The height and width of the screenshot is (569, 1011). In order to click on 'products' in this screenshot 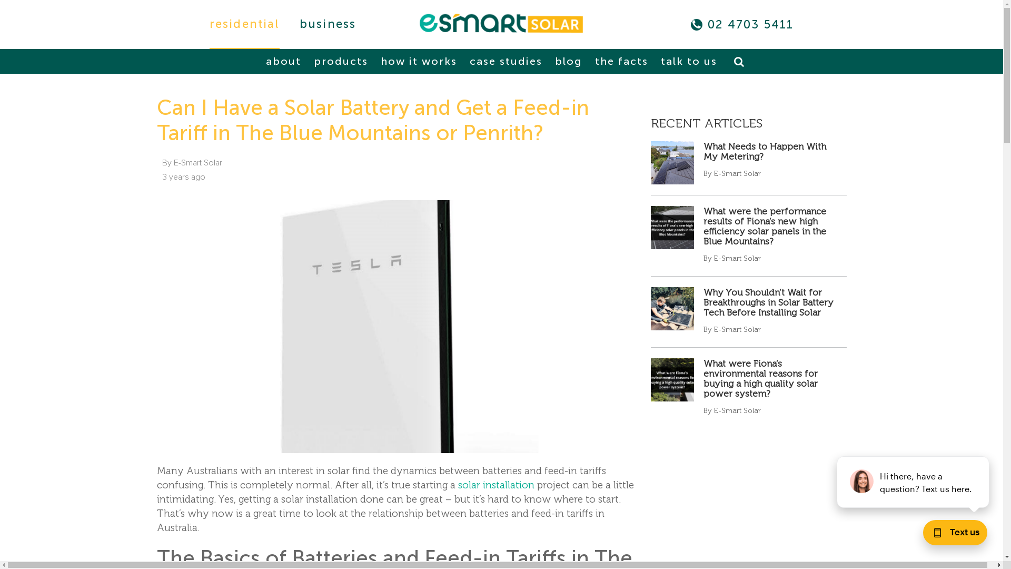, I will do `click(340, 61)`.